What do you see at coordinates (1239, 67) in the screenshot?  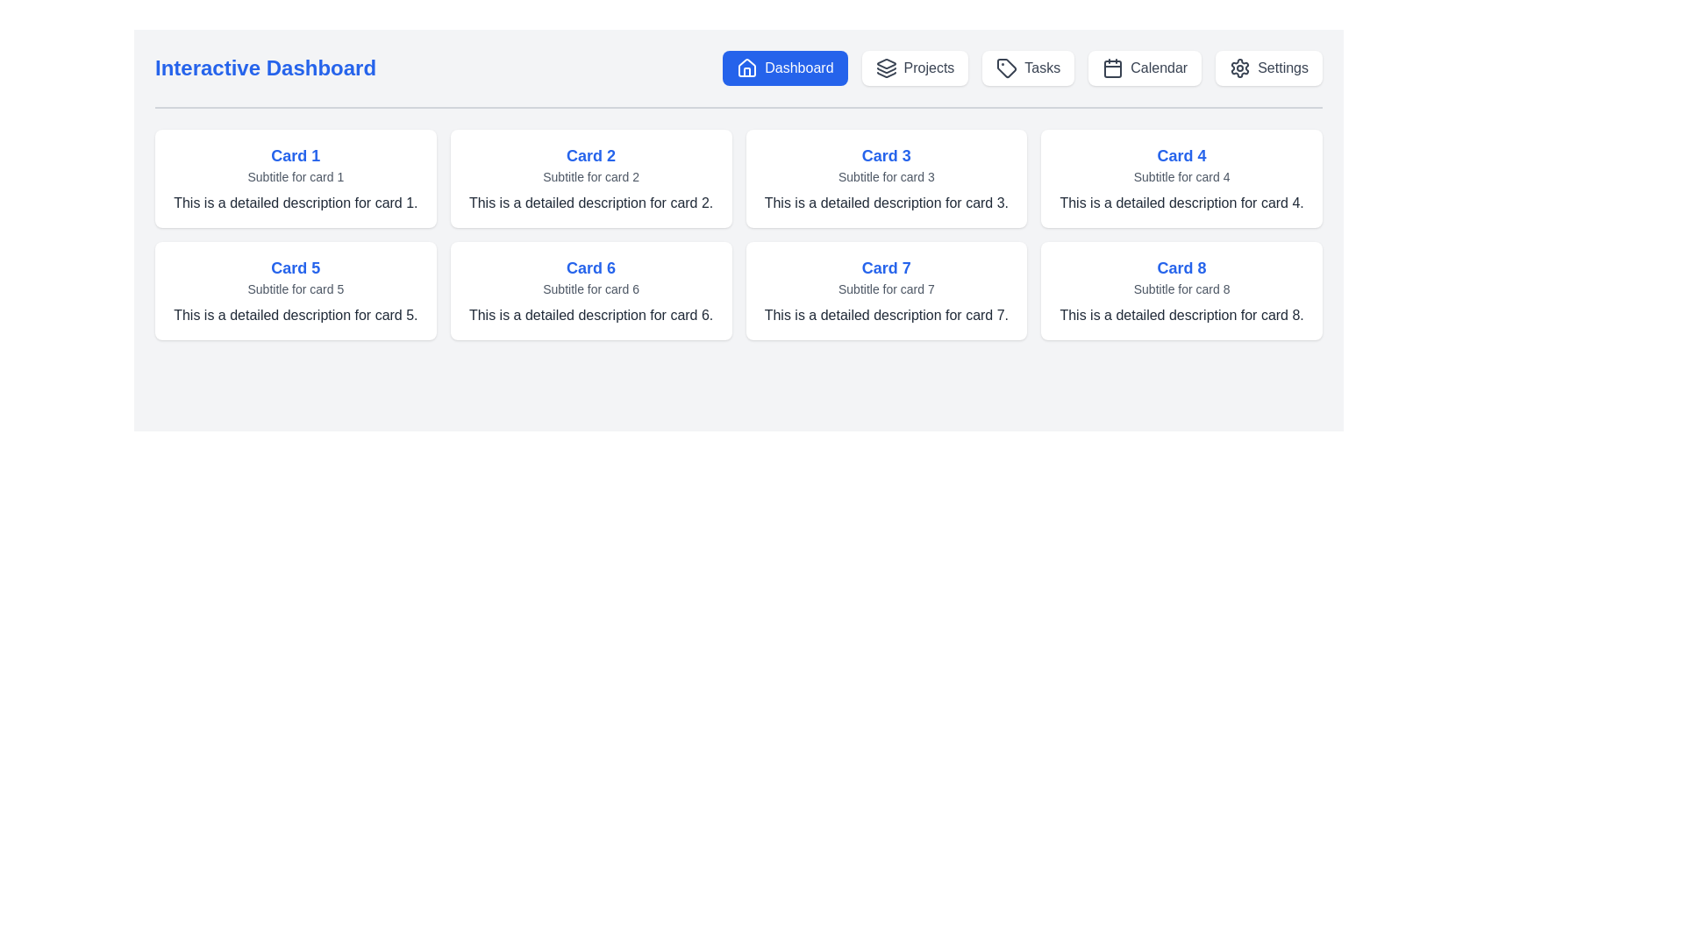 I see `the gear icon within the 'Settings' button, located in the top-right section of the interface, which features a circular design with external teeth and is styled with a minimalist line representation` at bounding box center [1239, 67].